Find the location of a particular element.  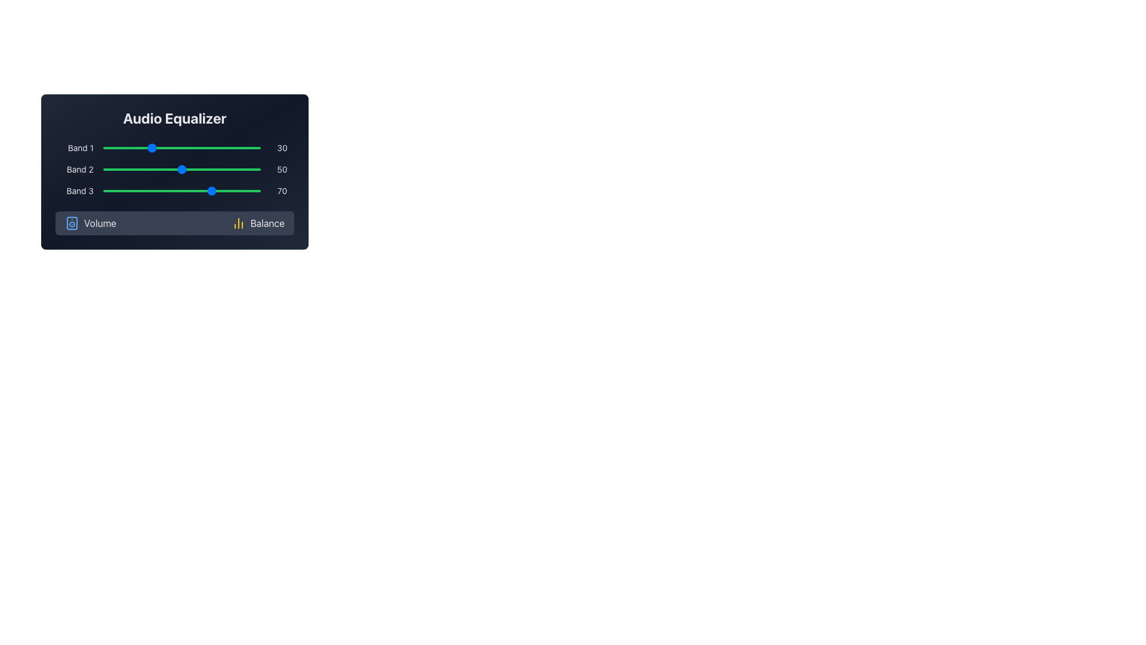

the slider labeled 'Band 1' is located at coordinates (221, 147).